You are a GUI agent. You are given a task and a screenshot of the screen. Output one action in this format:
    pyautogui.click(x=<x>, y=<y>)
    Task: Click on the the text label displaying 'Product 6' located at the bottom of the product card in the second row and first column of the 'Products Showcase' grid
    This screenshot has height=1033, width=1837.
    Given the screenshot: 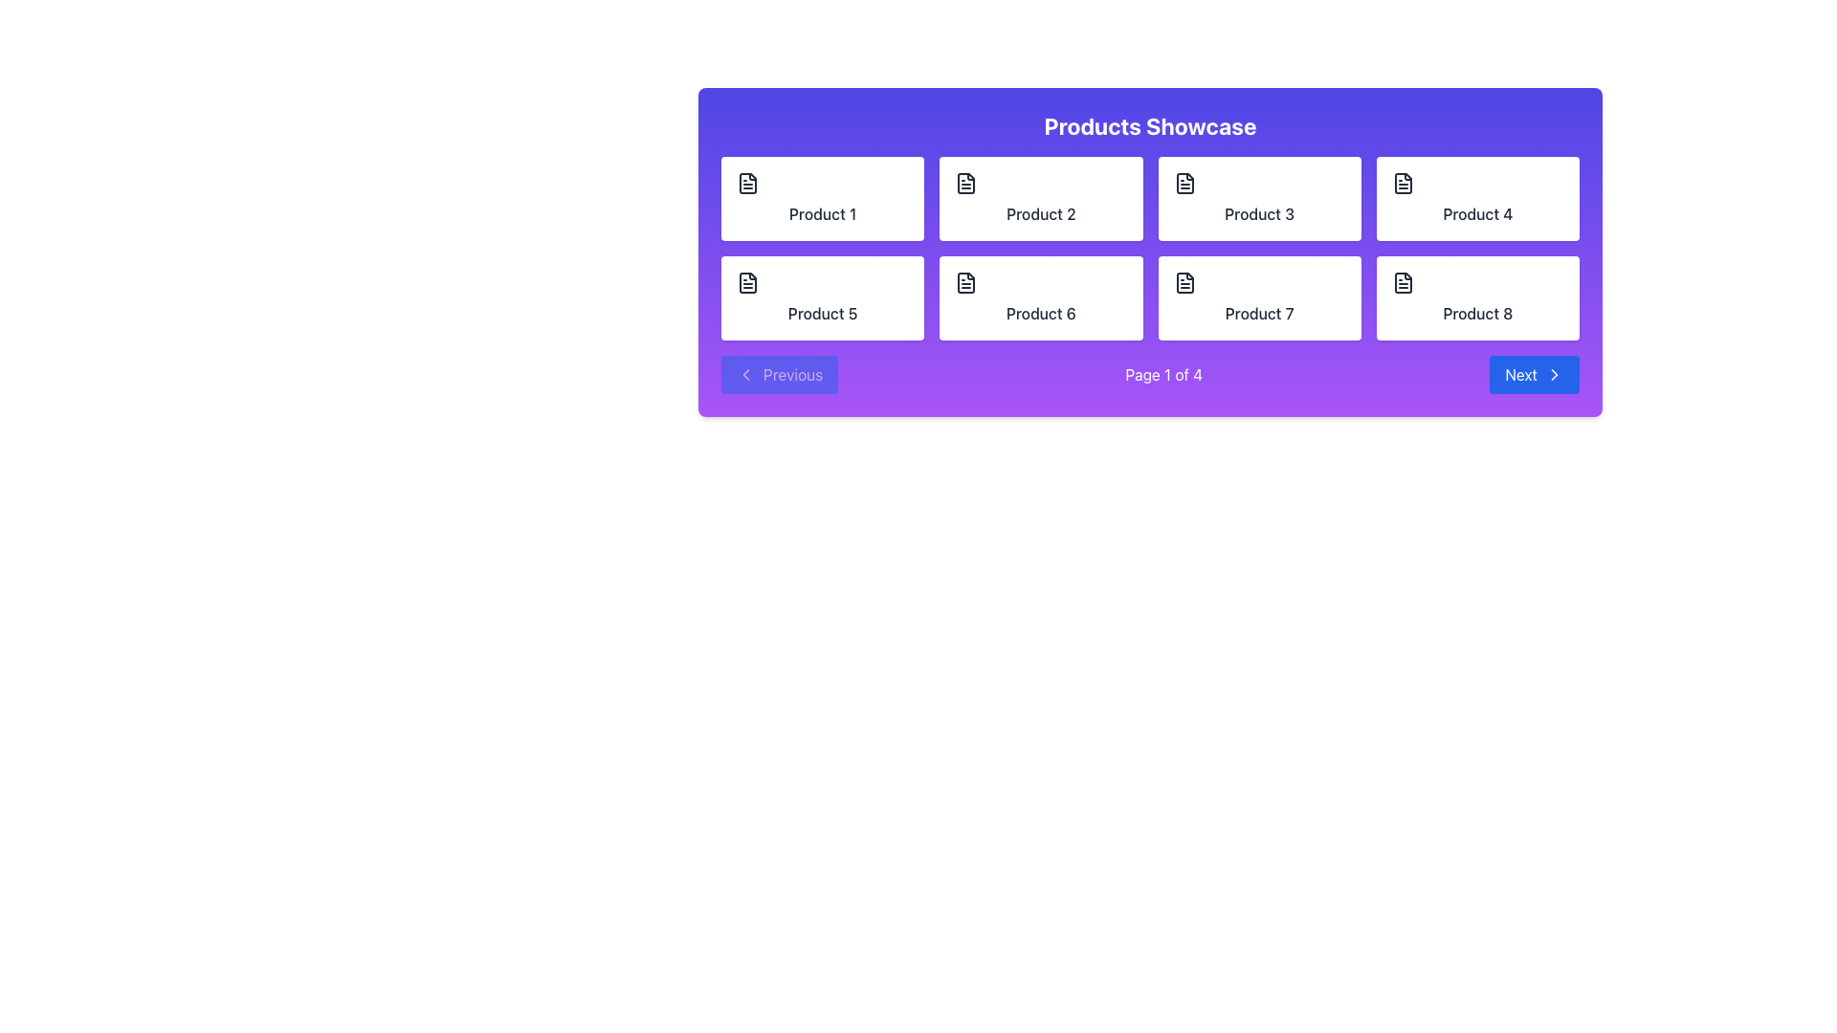 What is the action you would take?
    pyautogui.click(x=1040, y=312)
    